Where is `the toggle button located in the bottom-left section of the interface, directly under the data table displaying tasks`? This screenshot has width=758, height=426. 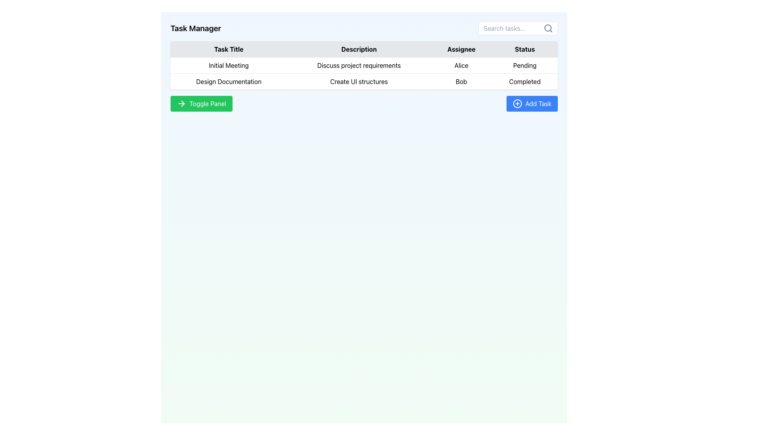 the toggle button located in the bottom-left section of the interface, directly under the data table displaying tasks is located at coordinates (201, 103).